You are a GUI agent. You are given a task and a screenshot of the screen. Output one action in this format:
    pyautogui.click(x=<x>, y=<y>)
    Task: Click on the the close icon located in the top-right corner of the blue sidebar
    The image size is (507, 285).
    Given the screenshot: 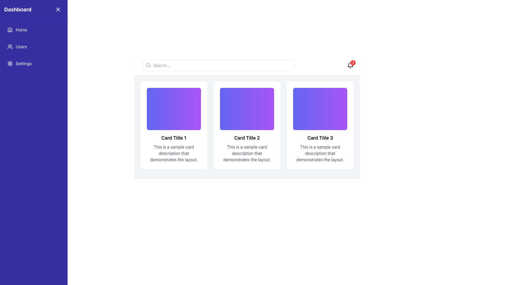 What is the action you would take?
    pyautogui.click(x=58, y=9)
    